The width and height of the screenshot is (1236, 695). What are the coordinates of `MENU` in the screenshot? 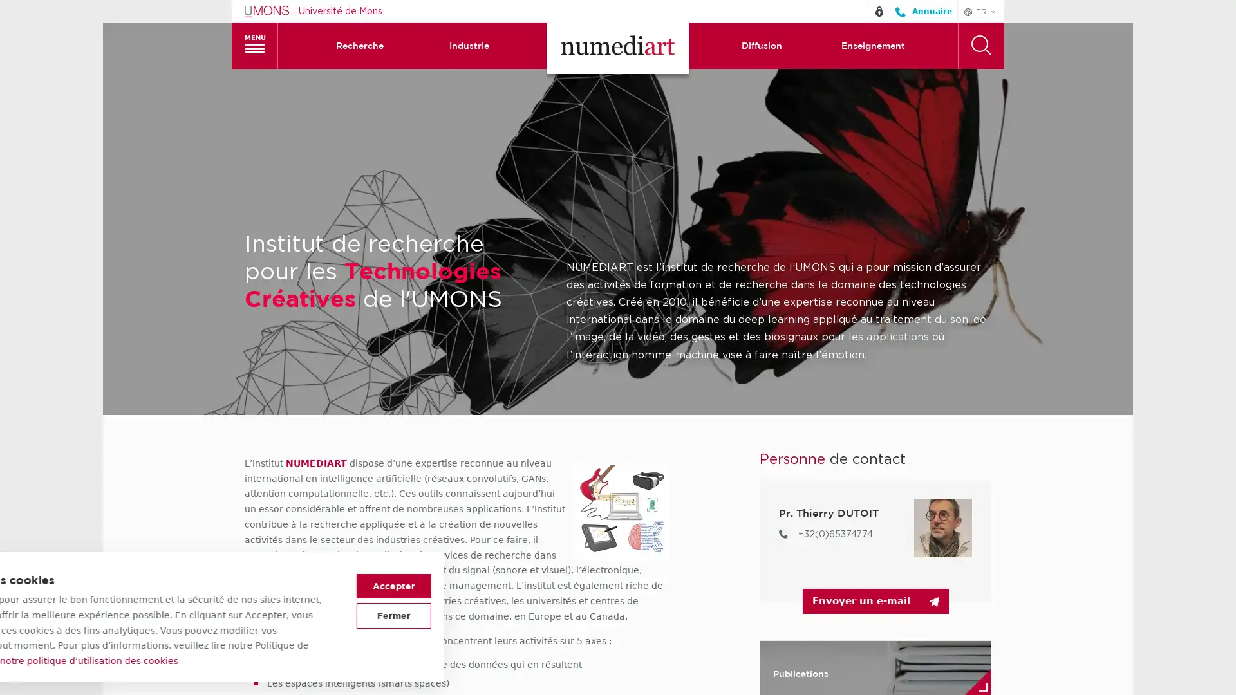 It's located at (254, 44).